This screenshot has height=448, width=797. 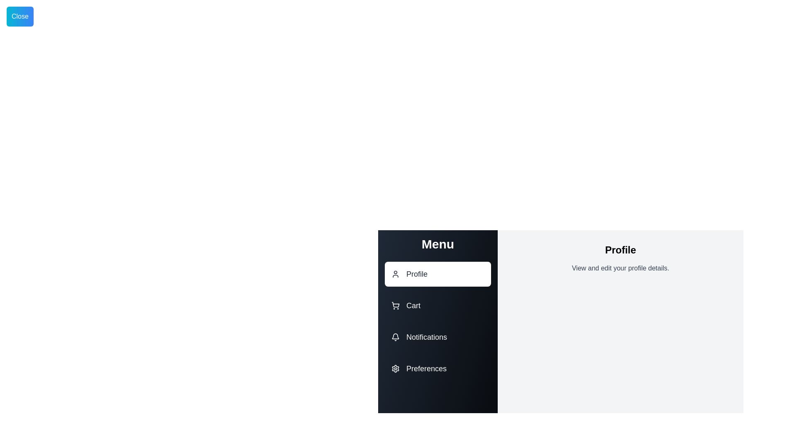 What do you see at coordinates (438, 337) in the screenshot?
I see `the menu option Notifications by clicking on its corresponding area` at bounding box center [438, 337].